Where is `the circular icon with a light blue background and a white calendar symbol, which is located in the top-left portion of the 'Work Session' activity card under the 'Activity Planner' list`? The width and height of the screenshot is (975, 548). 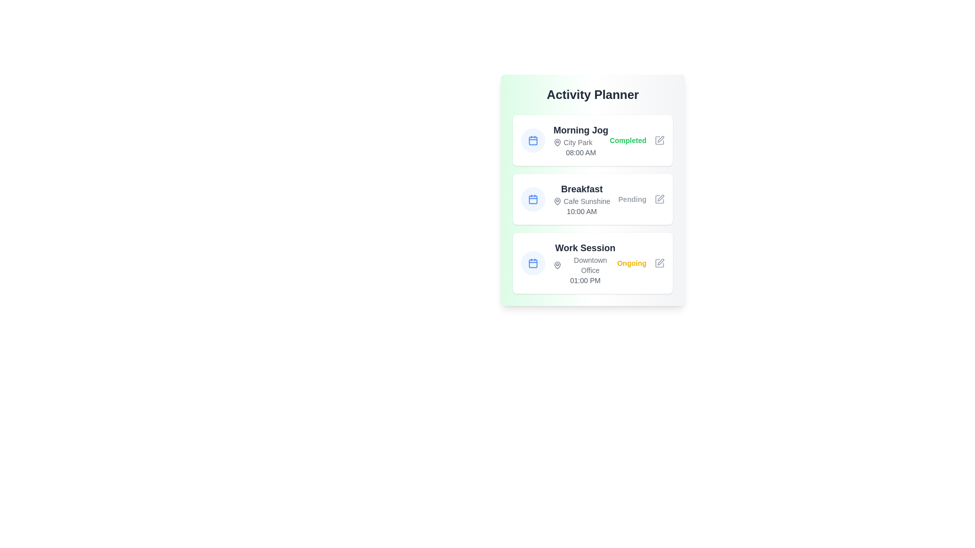 the circular icon with a light blue background and a white calendar symbol, which is located in the top-left portion of the 'Work Session' activity card under the 'Activity Planner' list is located at coordinates (533, 263).